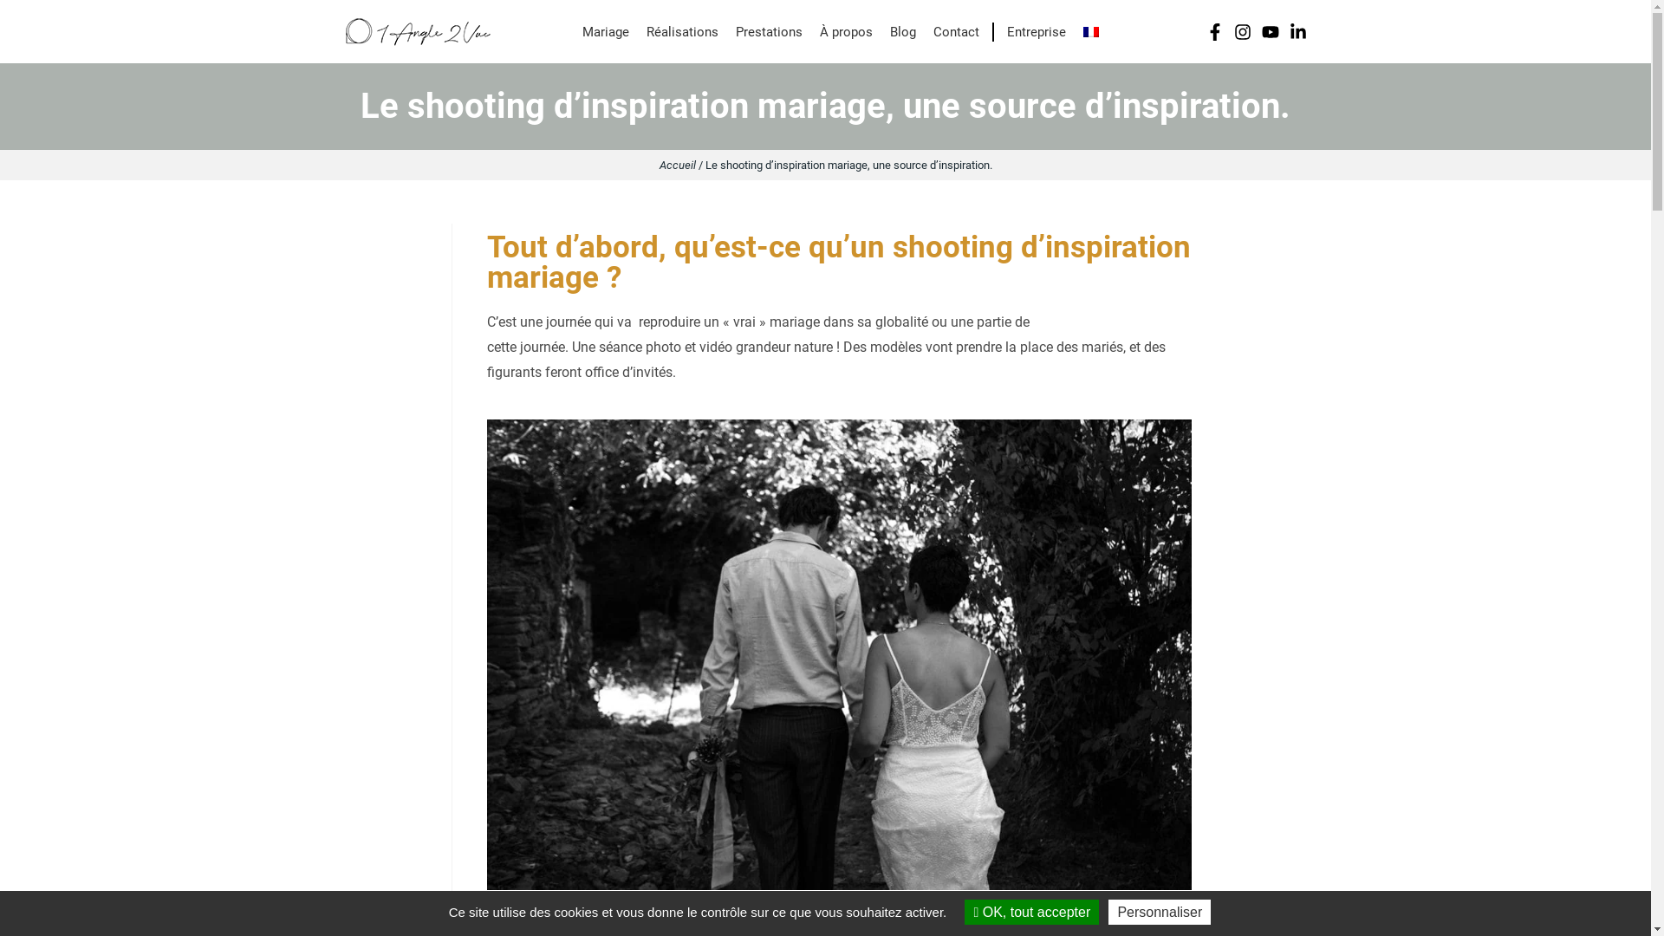 The height and width of the screenshot is (936, 1664). I want to click on 'Mariage', so click(606, 32).